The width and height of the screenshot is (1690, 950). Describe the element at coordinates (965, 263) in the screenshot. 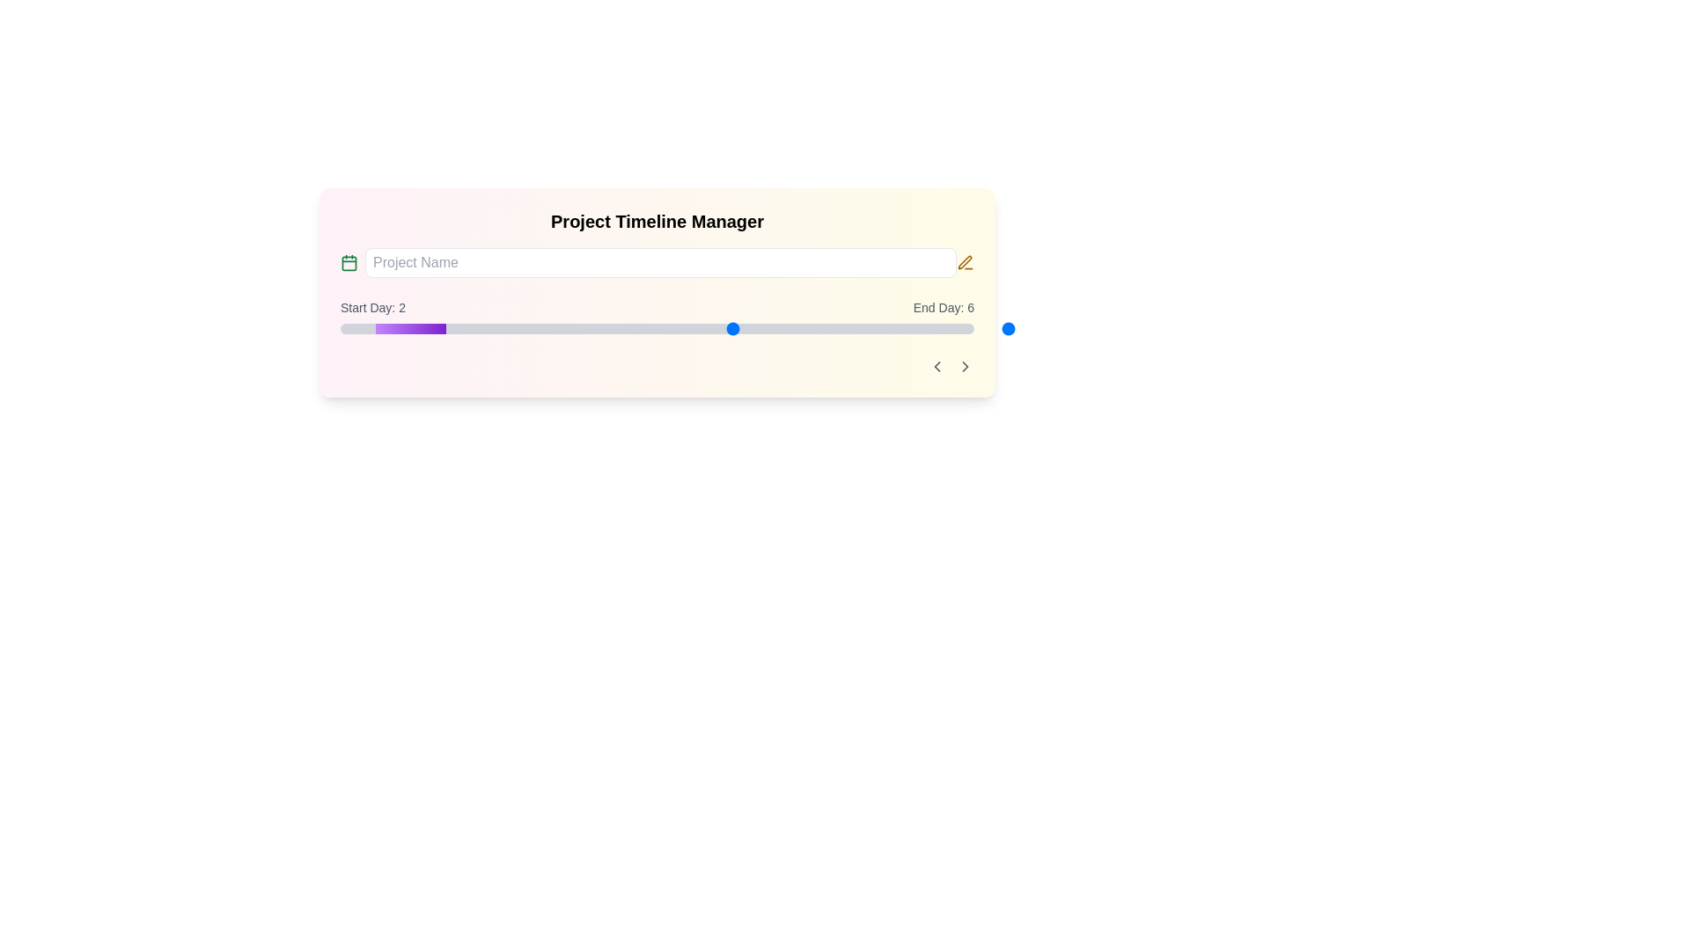

I see `the yellow pen icon located at the far-right end of the 'Project Name' text input field` at that location.